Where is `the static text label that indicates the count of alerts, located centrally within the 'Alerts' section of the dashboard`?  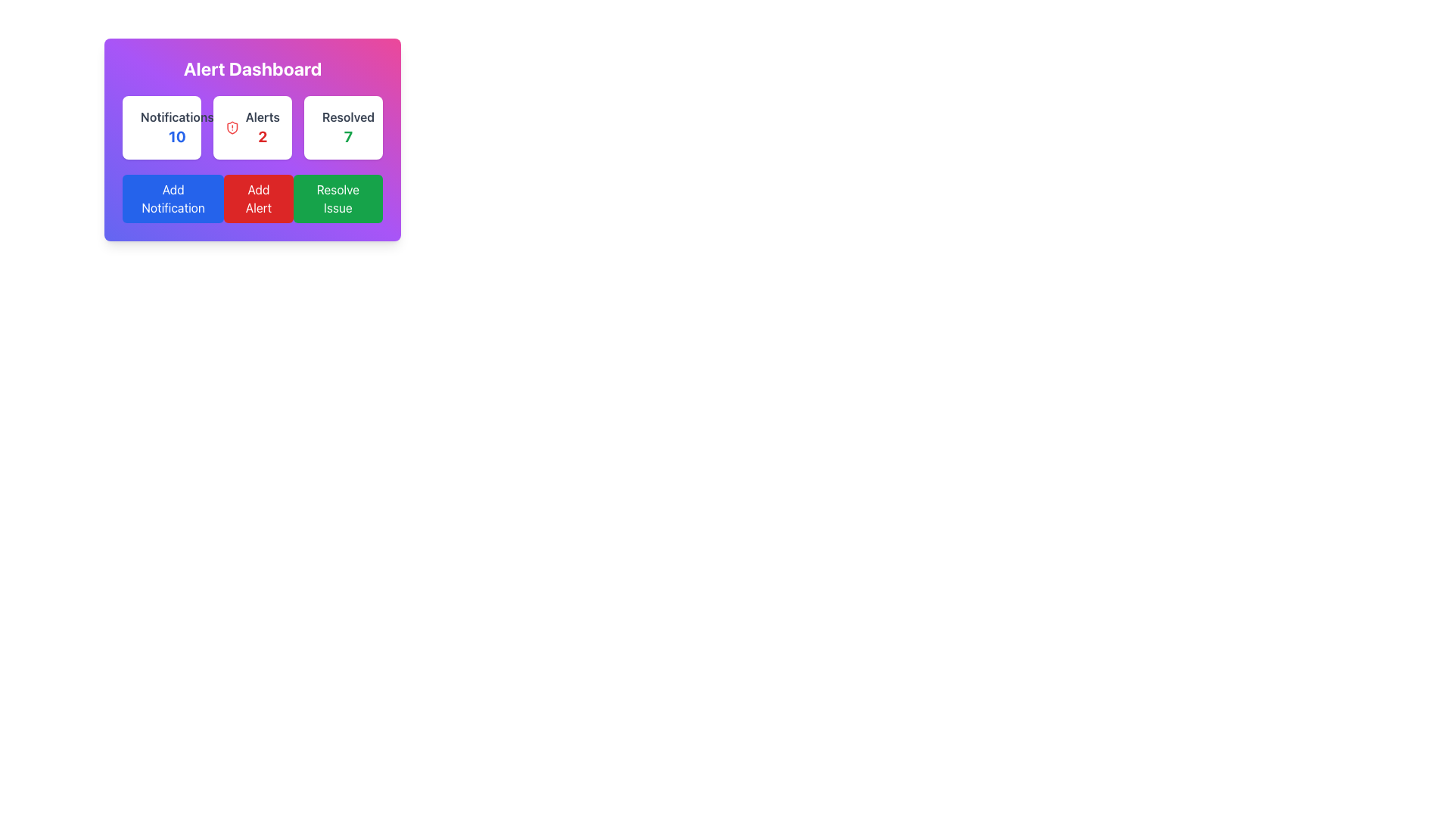 the static text label that indicates the count of alerts, located centrally within the 'Alerts' section of the dashboard is located at coordinates (263, 137).